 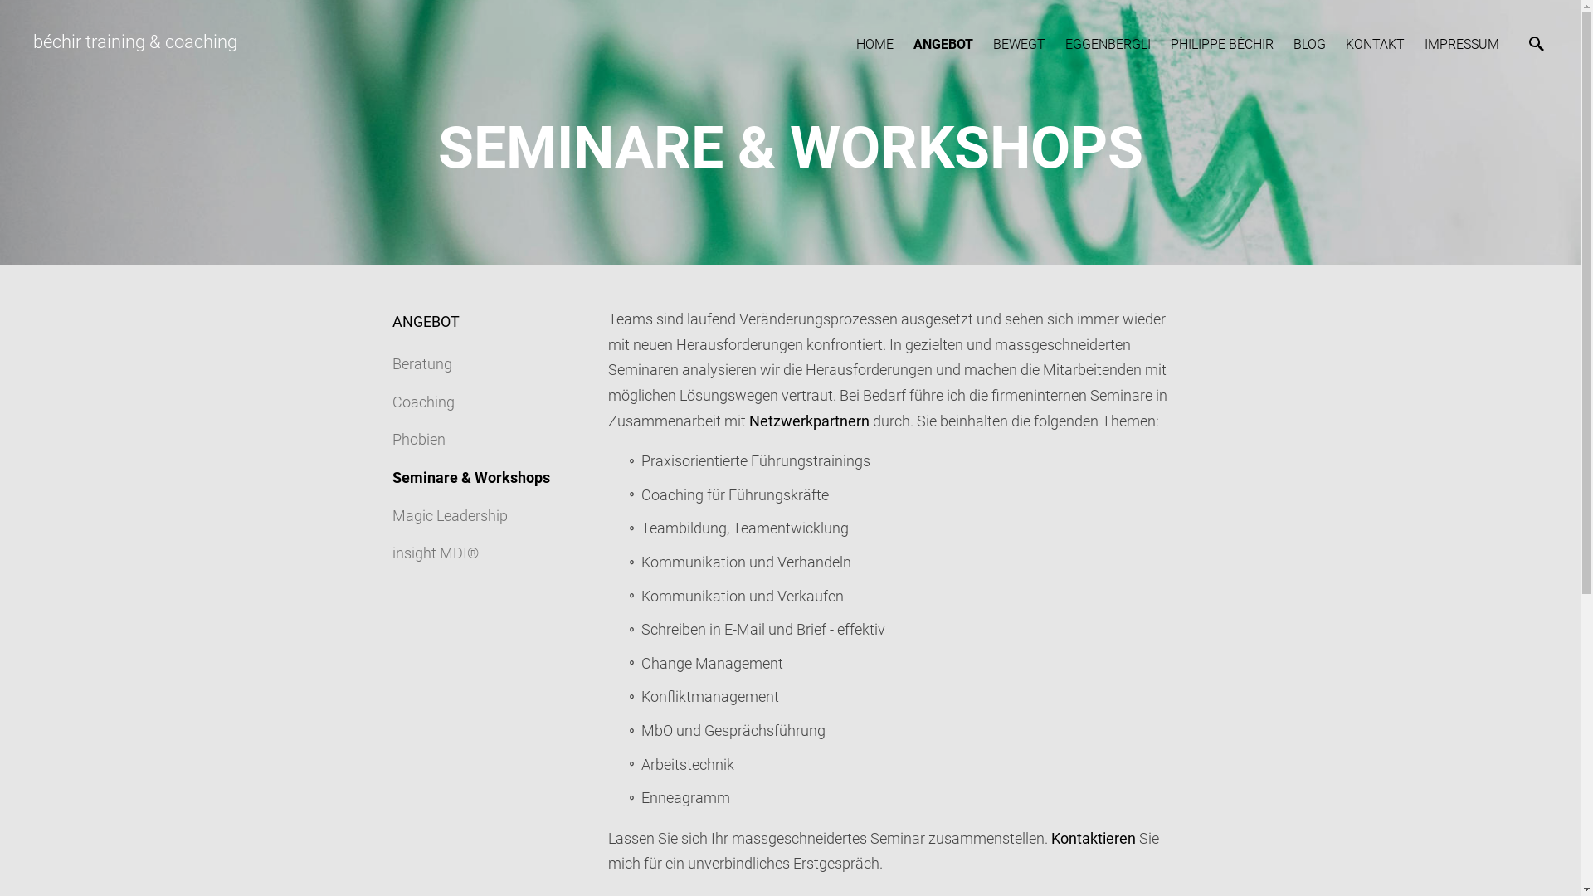 What do you see at coordinates (856, 43) in the screenshot?
I see `'HOME'` at bounding box center [856, 43].